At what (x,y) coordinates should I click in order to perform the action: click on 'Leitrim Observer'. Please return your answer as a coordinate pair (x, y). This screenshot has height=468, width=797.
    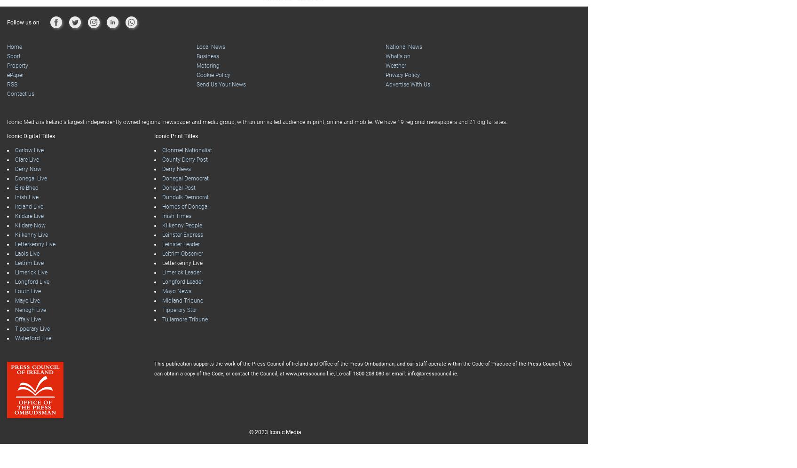
    Looking at the image, I should click on (181, 254).